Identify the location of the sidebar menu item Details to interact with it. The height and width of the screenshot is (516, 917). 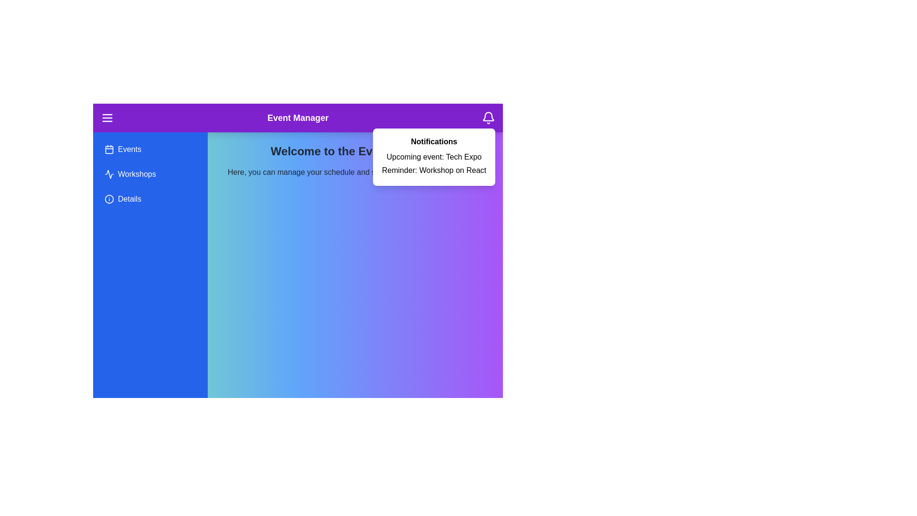
(150, 198).